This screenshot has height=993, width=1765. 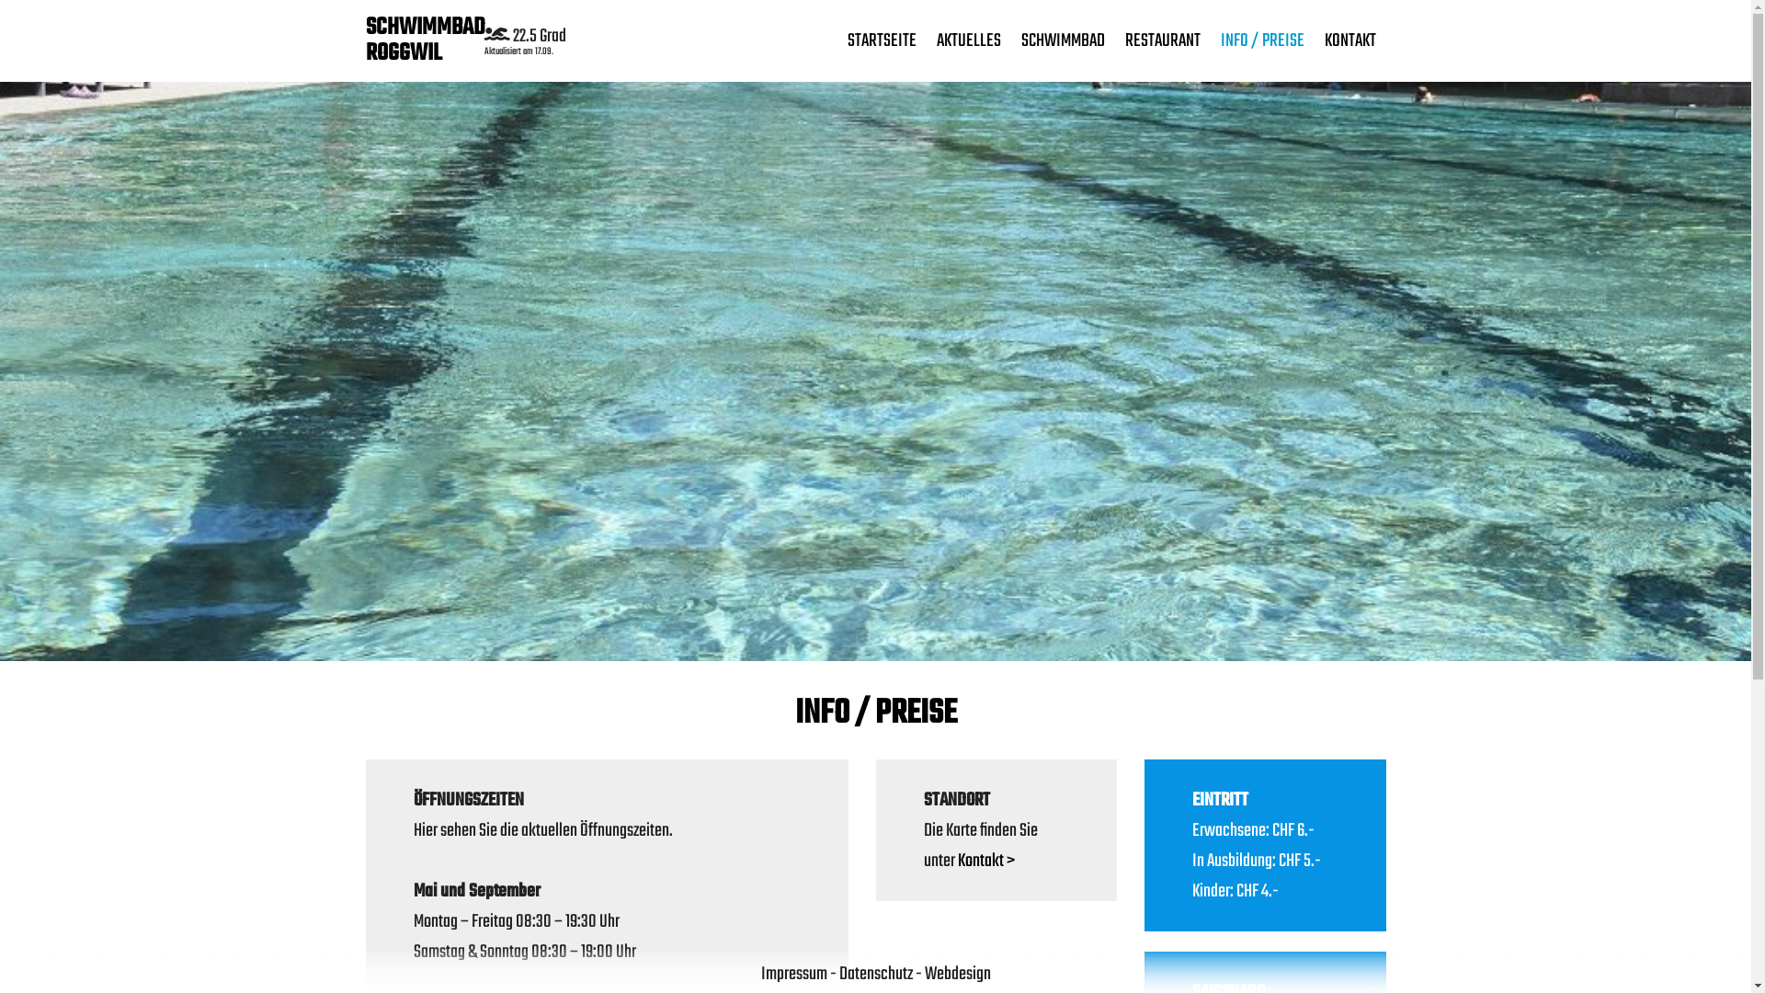 What do you see at coordinates (1260, 40) in the screenshot?
I see `'INFO / PREISE'` at bounding box center [1260, 40].